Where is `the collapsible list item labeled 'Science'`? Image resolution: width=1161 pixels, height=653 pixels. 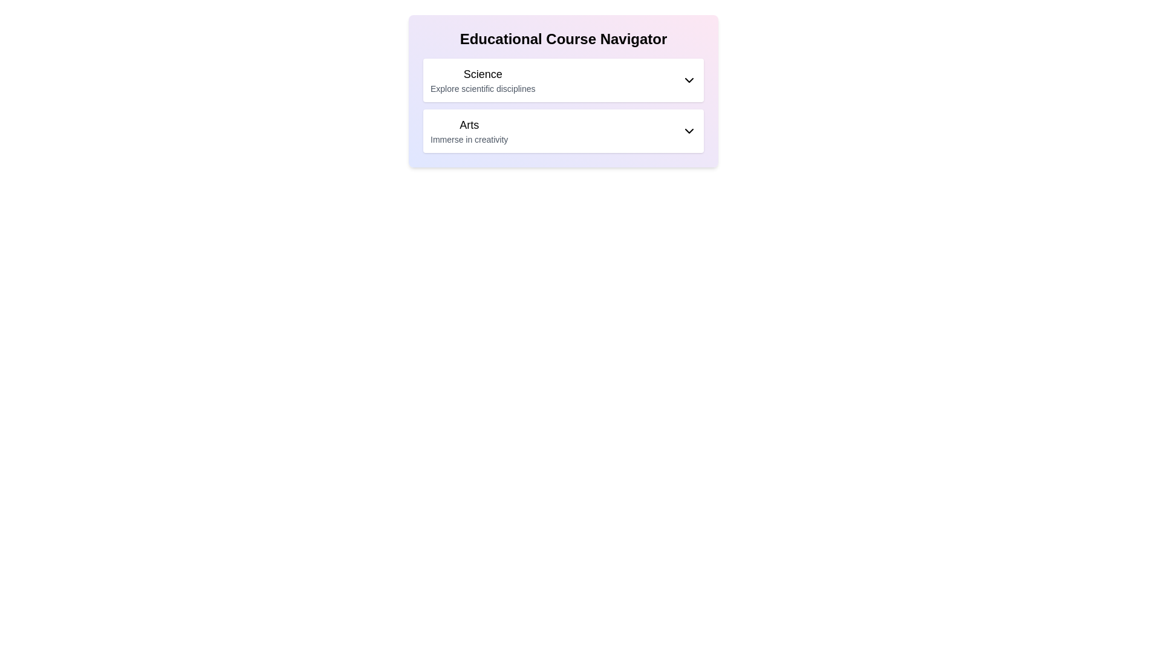 the collapsible list item labeled 'Science' is located at coordinates (562, 80).